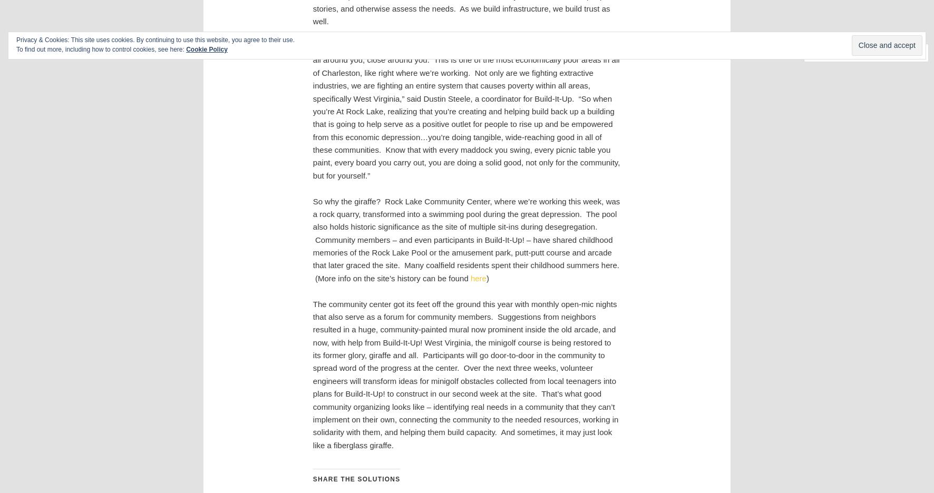 The image size is (934, 493). Describe the element at coordinates (466, 111) in the screenshot. I see `'“Even though you can’t see the economic improverishment right there in Rock Lake it is all around you, close around you.  This is one of the most economically poor areas in all of Charleston, like right where we’re working.  Not only are we fighting extractive industries, we are fighting an entire system that causes poverty within all areas, specifically West Virginia,” said Dustin Steele, a coordinator for Build-It-Up.  “So when you’re At Rock Lake, realizing that you’re creating and helping build back up a building that is going to help serve as a positive outlet for people to rise up and be empowered from this economic depression…you’re doing tangible, wide-reaching good in all of these communities.  Know that with every maddock you swing, every picnic table you paint, every board you carry out, you are doing a solid good, not only for the community, but for yourself.”'` at that location.